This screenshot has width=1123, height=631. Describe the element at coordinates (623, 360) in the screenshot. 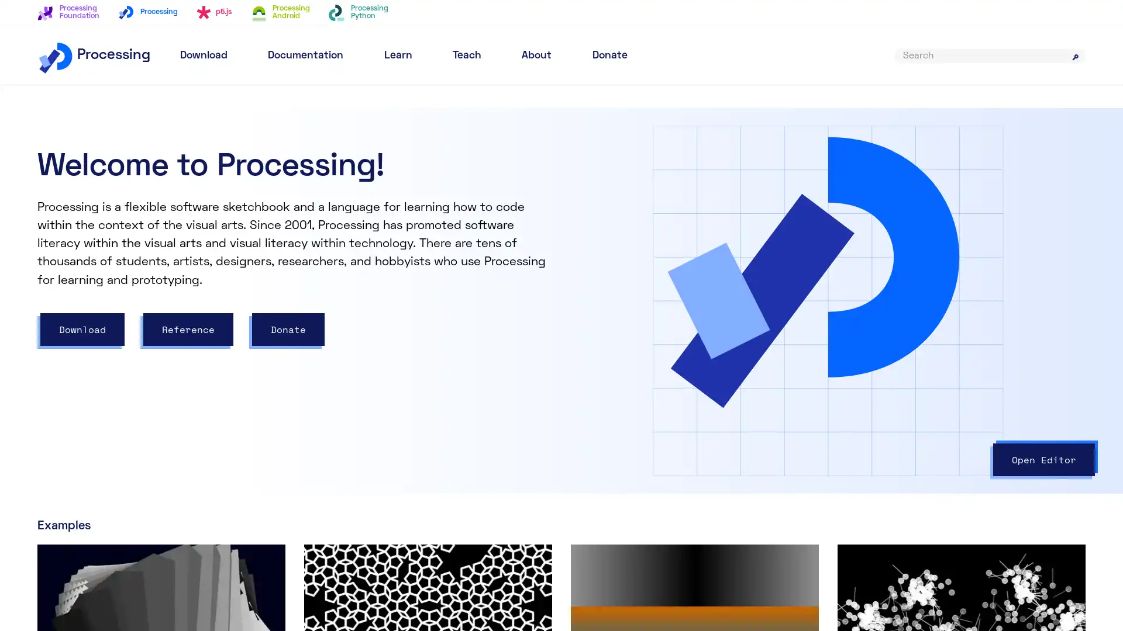

I see `change position` at that location.